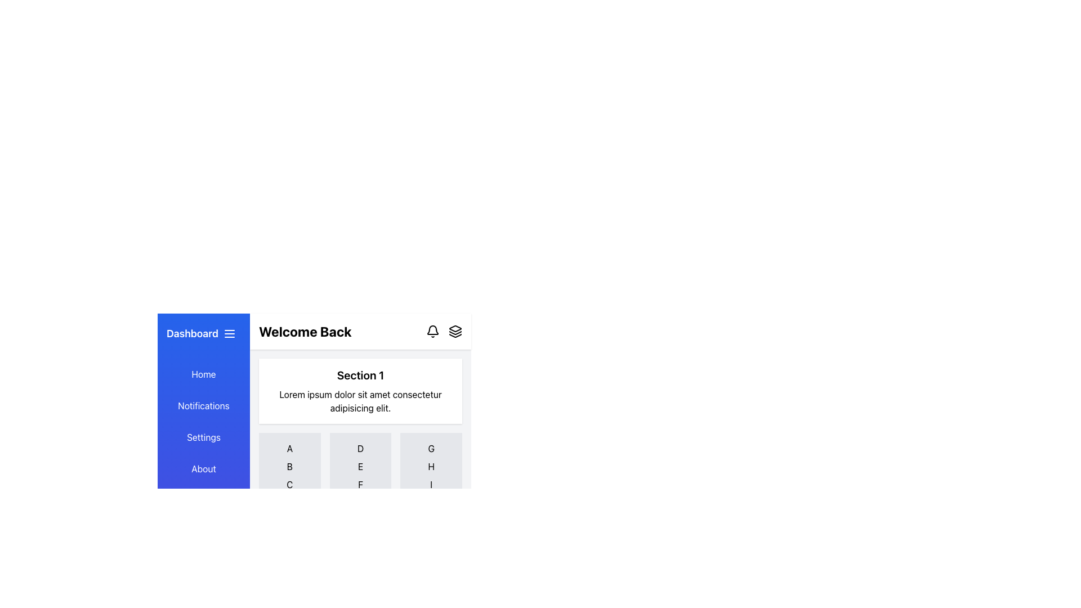 Image resolution: width=1081 pixels, height=608 pixels. I want to click on the text label displaying 'Dashboard' in bold on a blue background, located in the top-left section of the interface, so click(192, 333).